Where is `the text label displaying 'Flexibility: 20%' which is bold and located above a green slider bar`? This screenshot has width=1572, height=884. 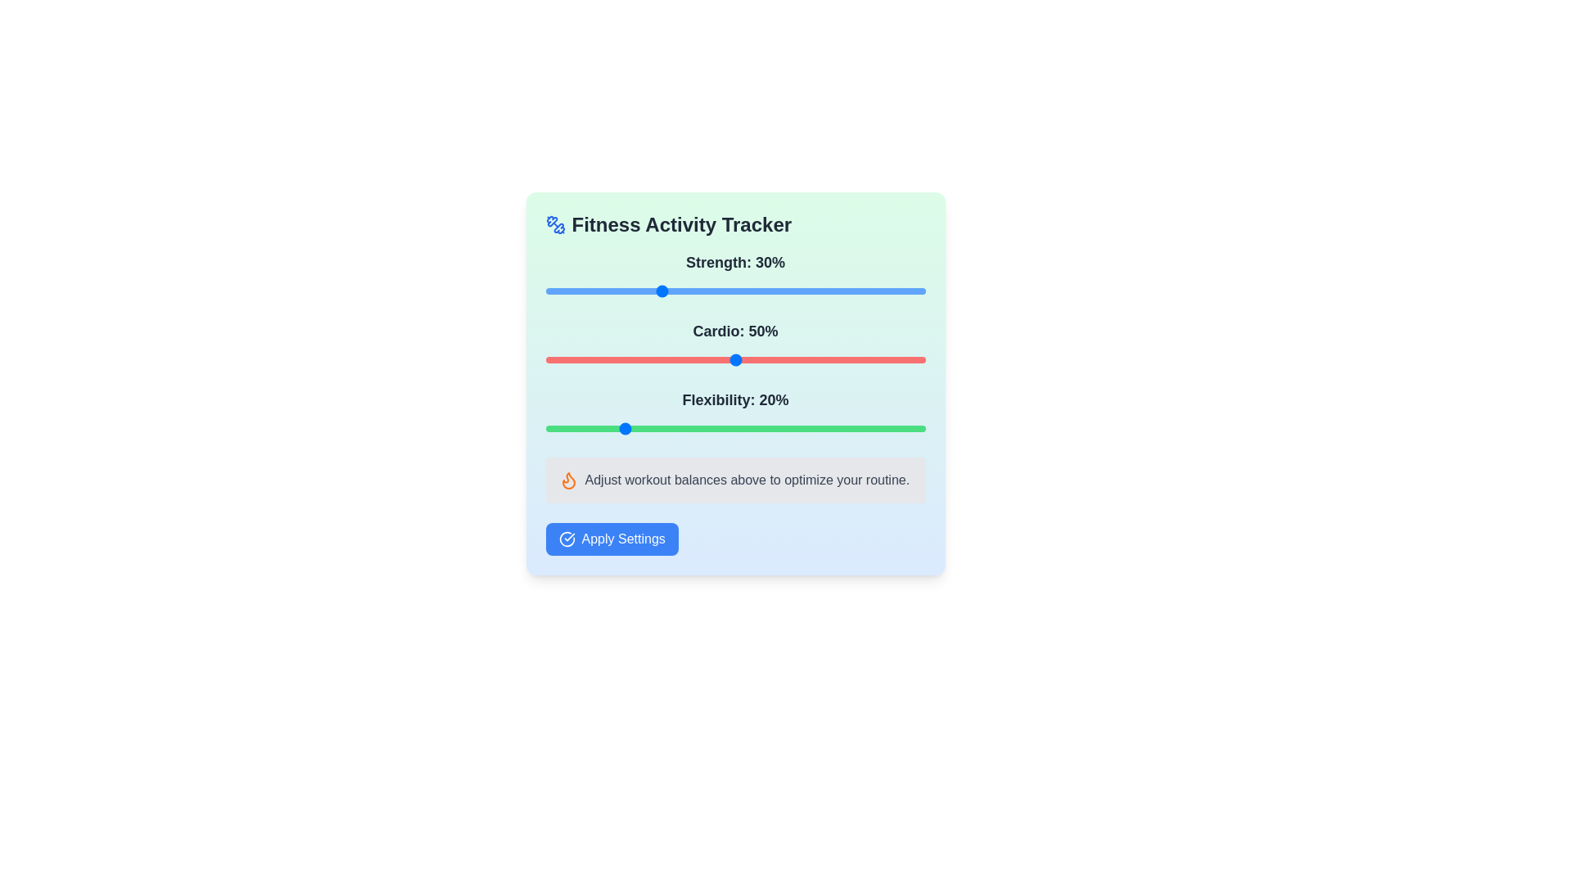
the text label displaying 'Flexibility: 20%' which is bold and located above a green slider bar is located at coordinates (734, 400).